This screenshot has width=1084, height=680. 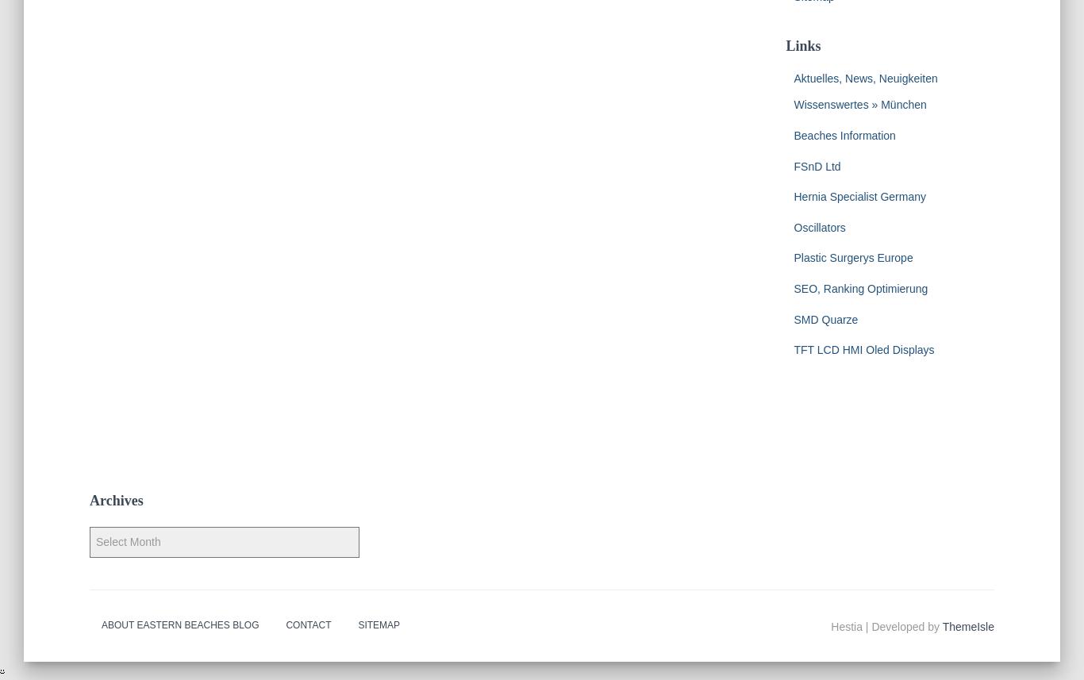 I want to click on 'Beaches Information', so click(x=843, y=135).